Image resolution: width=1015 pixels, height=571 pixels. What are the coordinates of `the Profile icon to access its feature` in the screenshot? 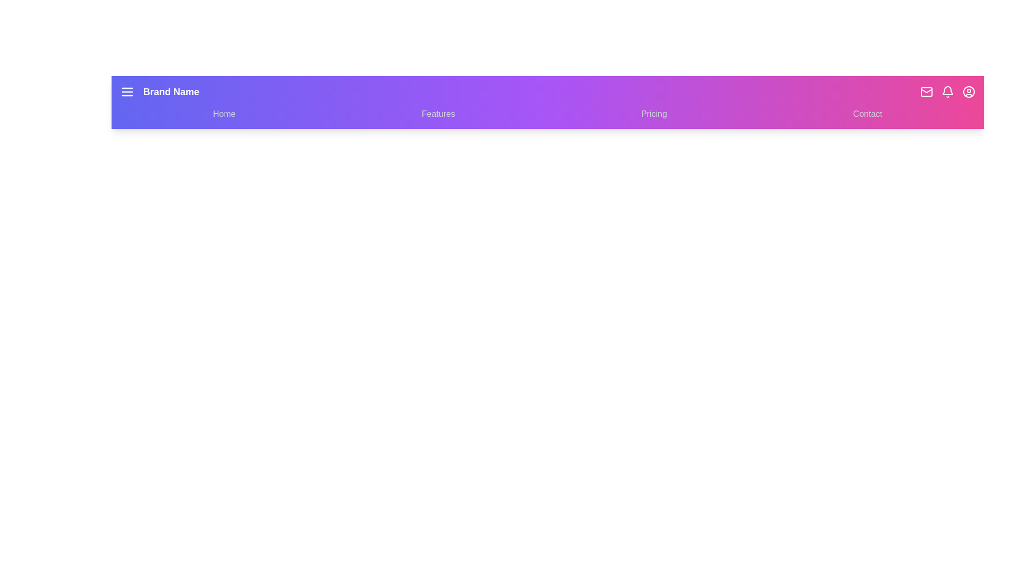 It's located at (969, 91).